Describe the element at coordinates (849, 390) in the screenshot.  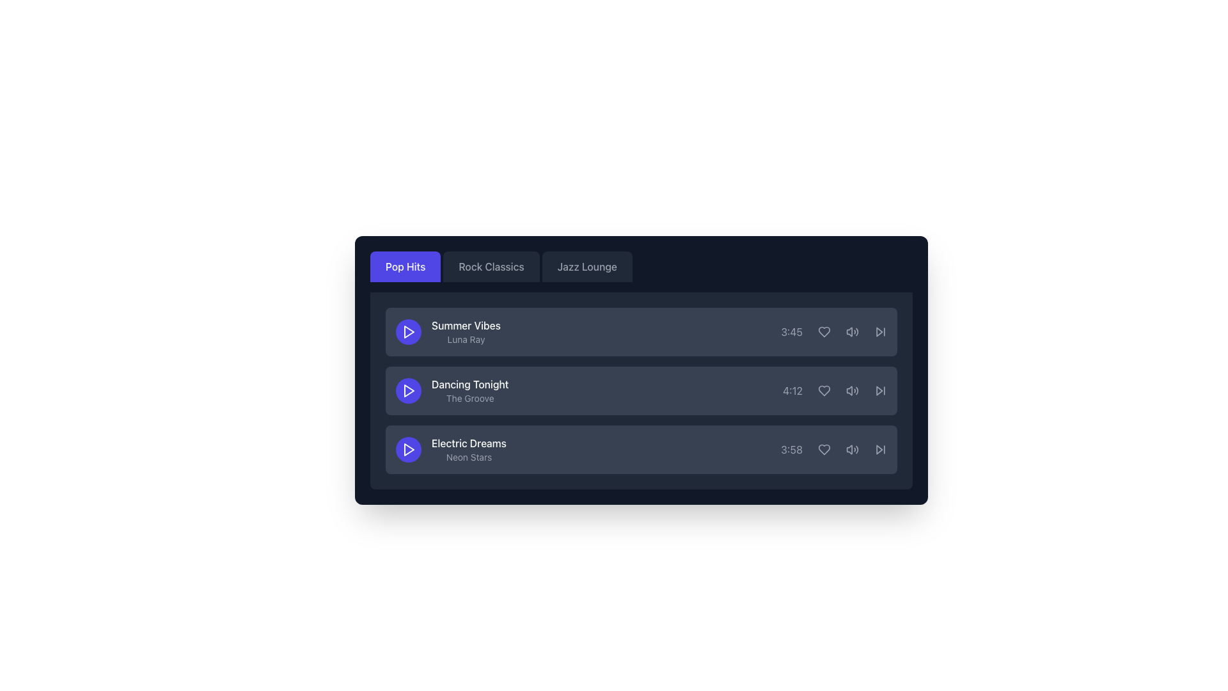
I see `the leftmost segment of the volume icon, which resembles a part of a waveform, located within the controls of the second song listed in the interface` at that location.